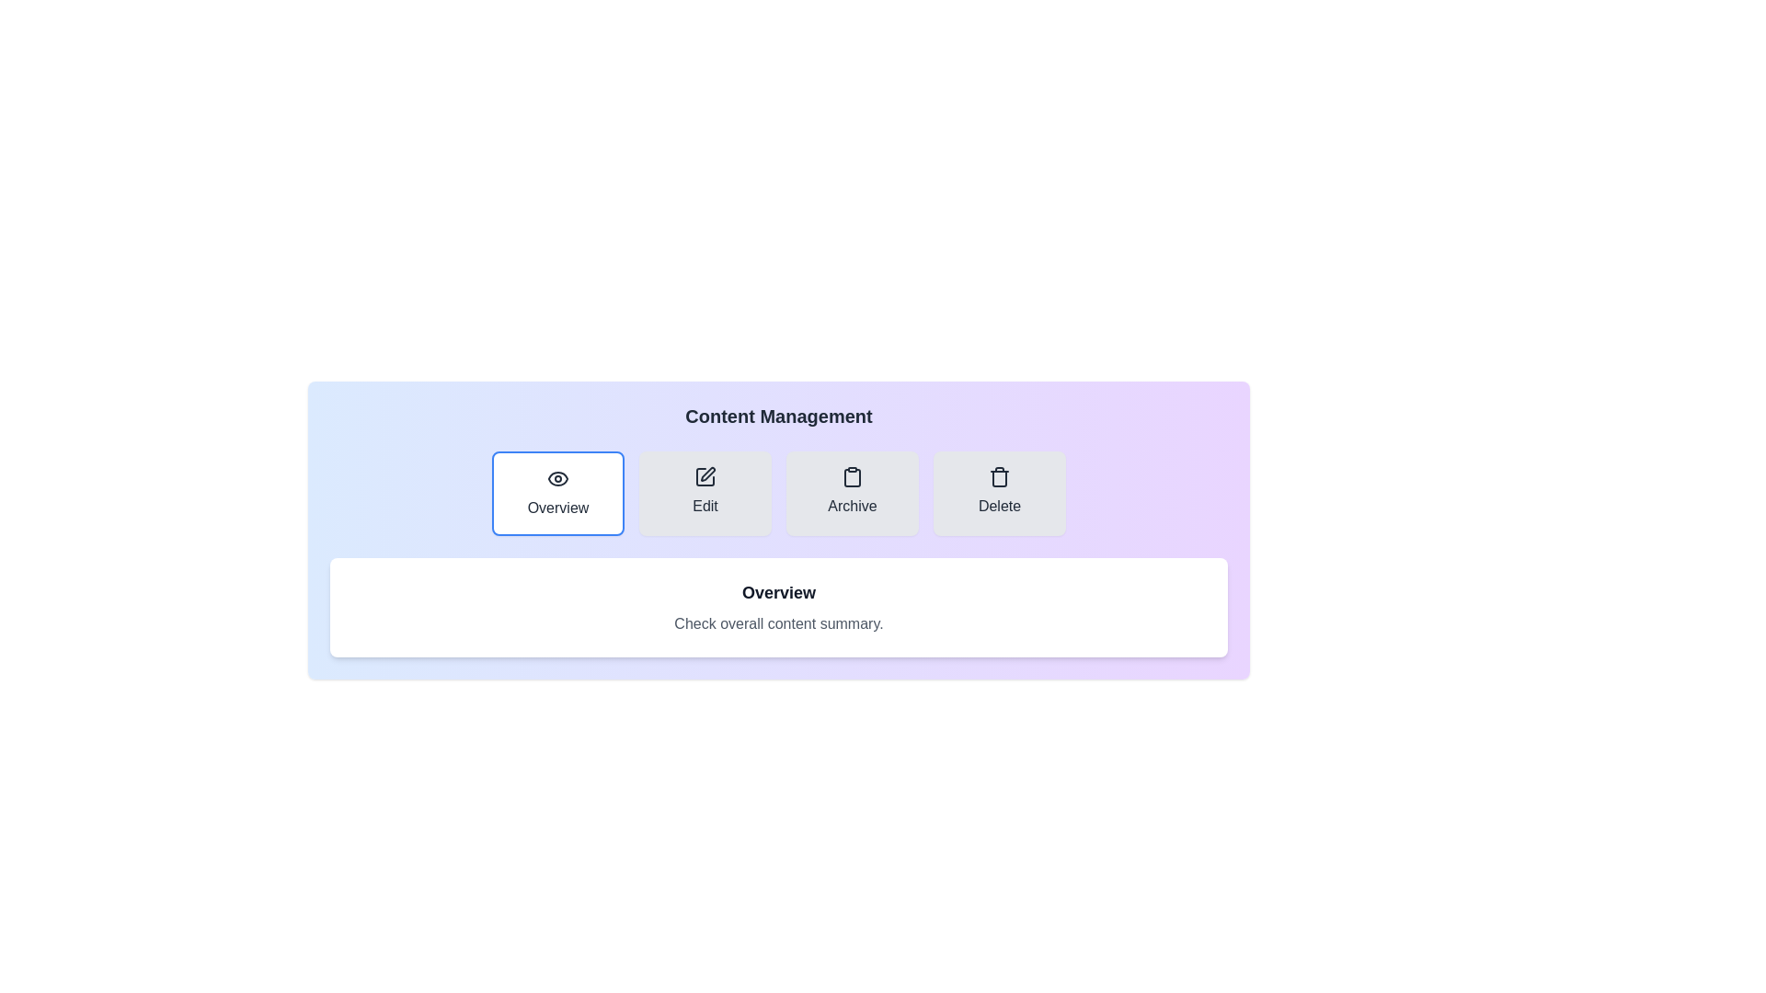 This screenshot has height=993, width=1766. Describe the element at coordinates (705, 492) in the screenshot. I see `the Edit tab to view its content` at that location.